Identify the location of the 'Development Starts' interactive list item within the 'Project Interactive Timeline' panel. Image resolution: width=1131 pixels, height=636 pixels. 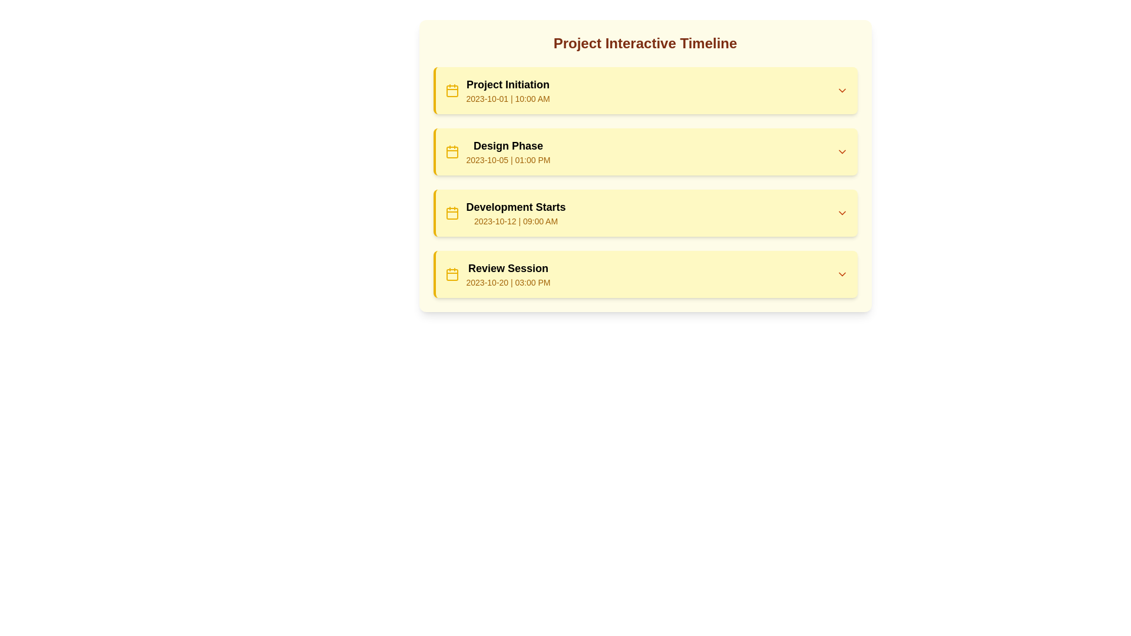
(646, 213).